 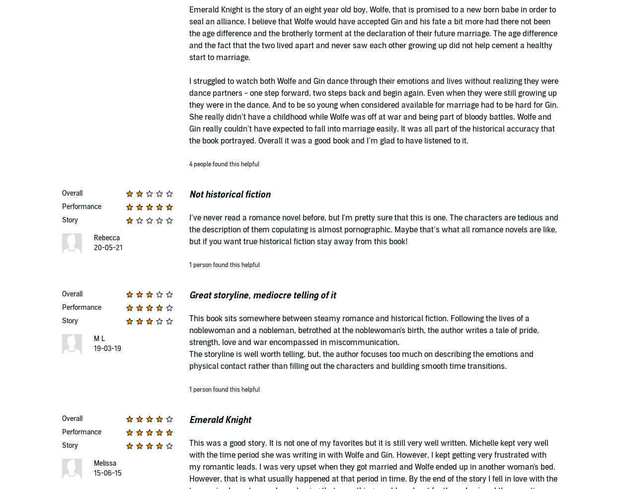 What do you see at coordinates (106, 237) in the screenshot?
I see `'Rebecca'` at bounding box center [106, 237].